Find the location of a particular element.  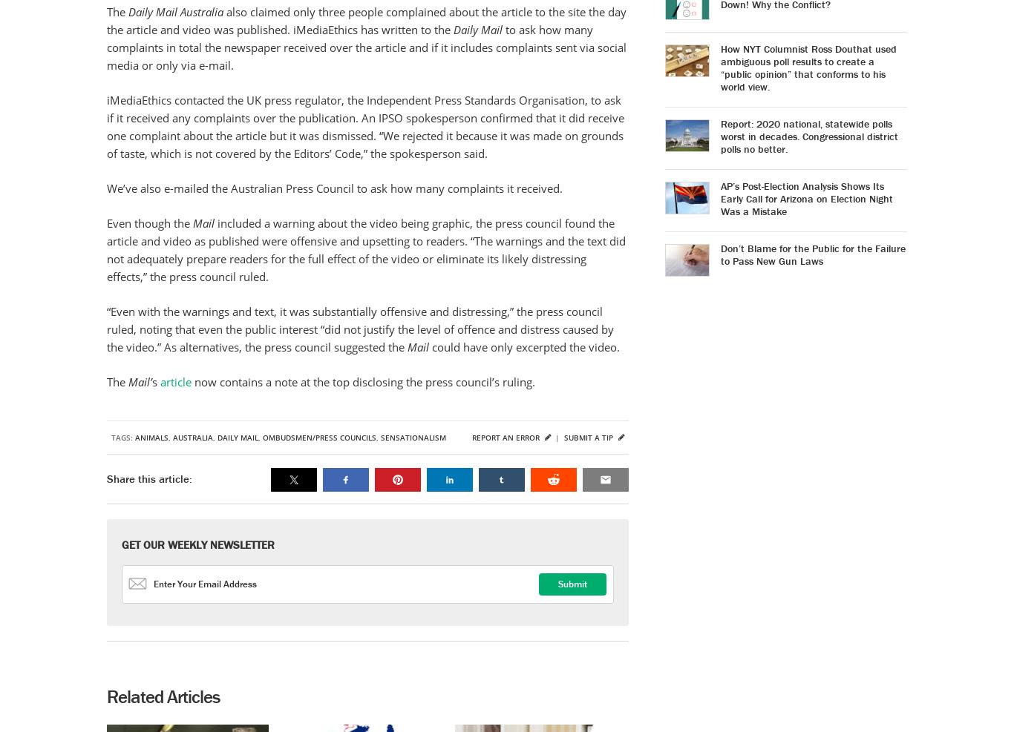

'Submit a tip' is located at coordinates (589, 437).